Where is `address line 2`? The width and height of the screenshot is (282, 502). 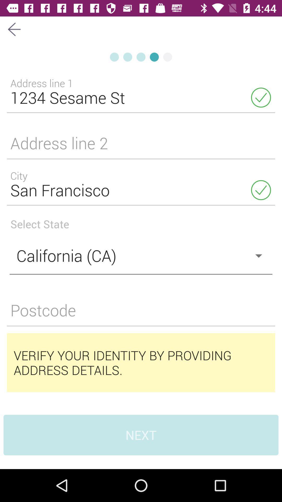 address line 2 is located at coordinates (141, 146).